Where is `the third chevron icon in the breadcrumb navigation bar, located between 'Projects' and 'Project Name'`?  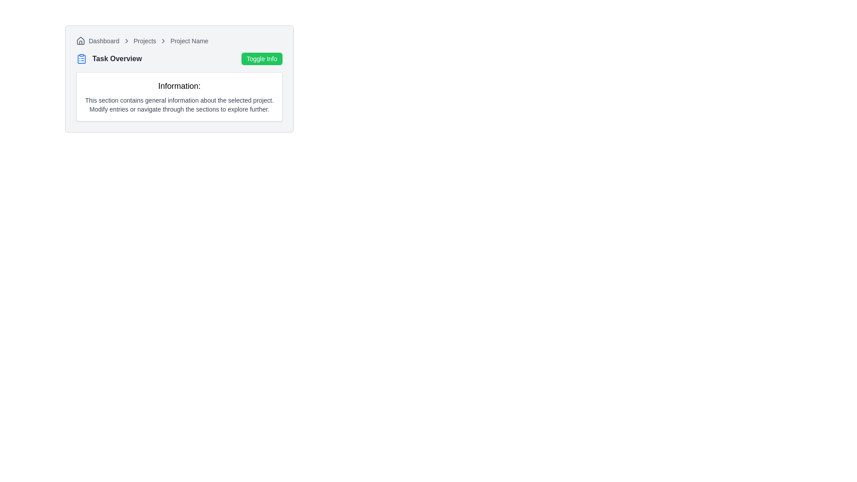
the third chevron icon in the breadcrumb navigation bar, located between 'Projects' and 'Project Name' is located at coordinates (163, 41).